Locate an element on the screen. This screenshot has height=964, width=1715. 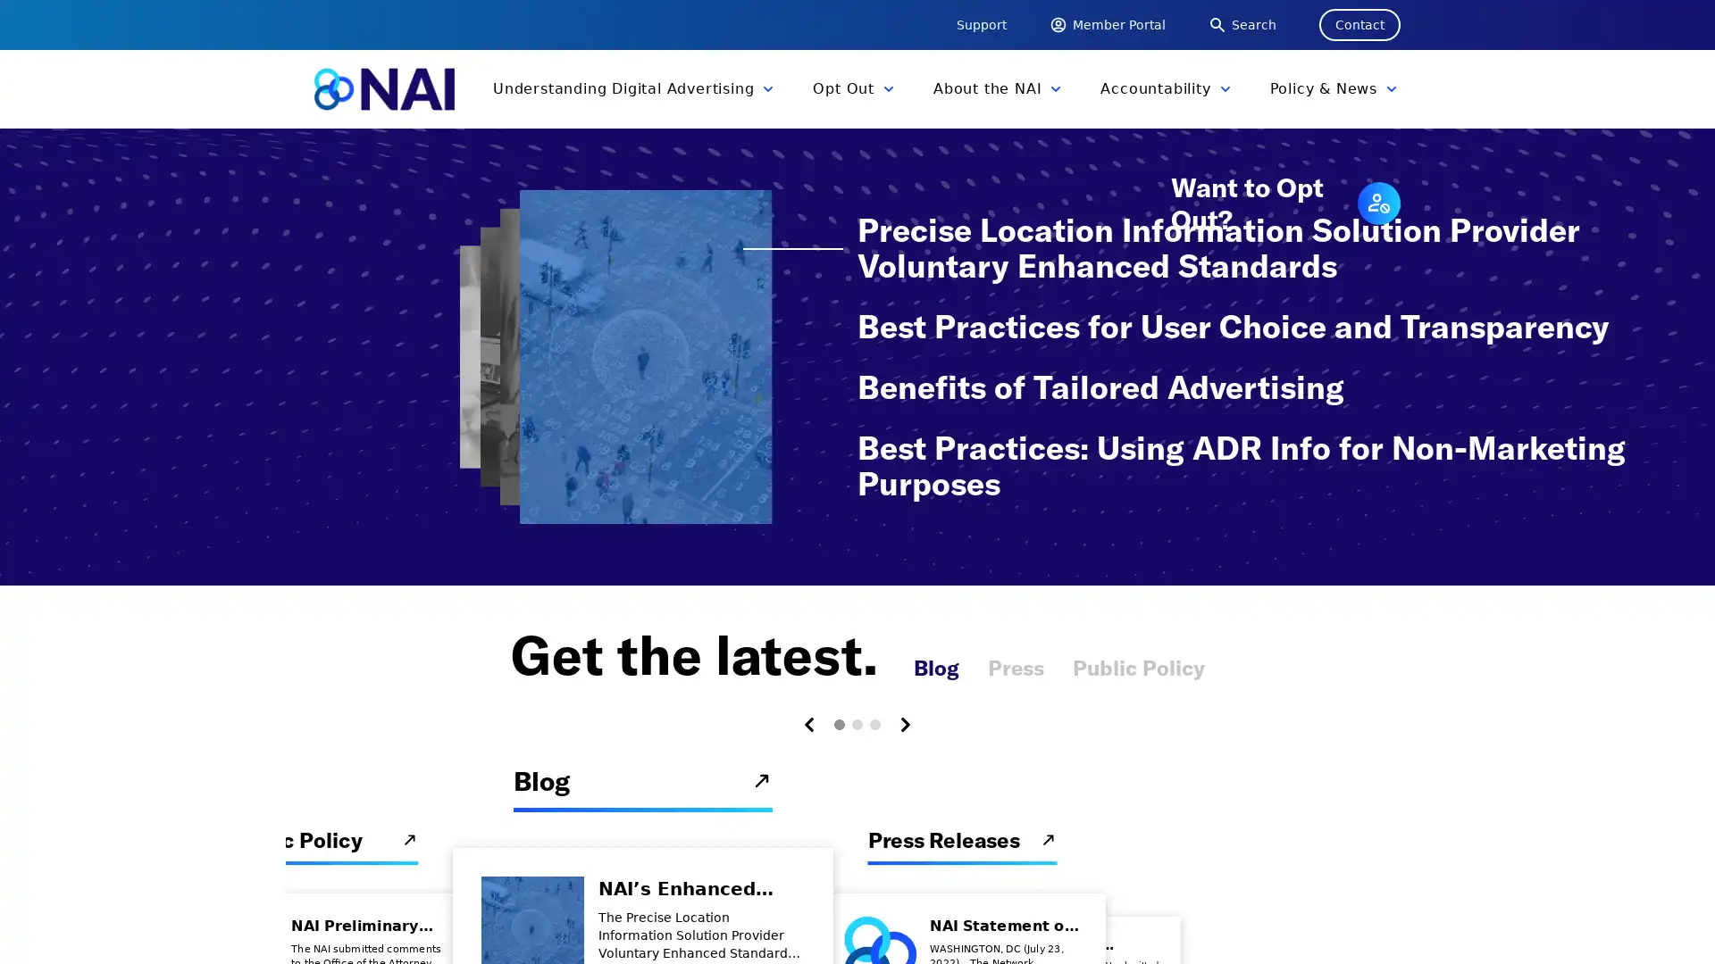
Press is located at coordinates (1015, 668).